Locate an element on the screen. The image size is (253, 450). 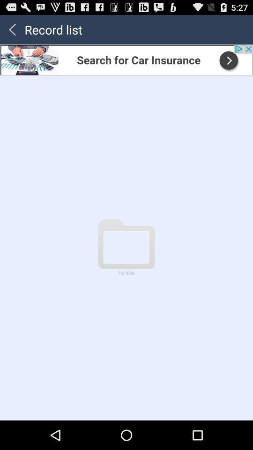
previous is located at coordinates (12, 29).